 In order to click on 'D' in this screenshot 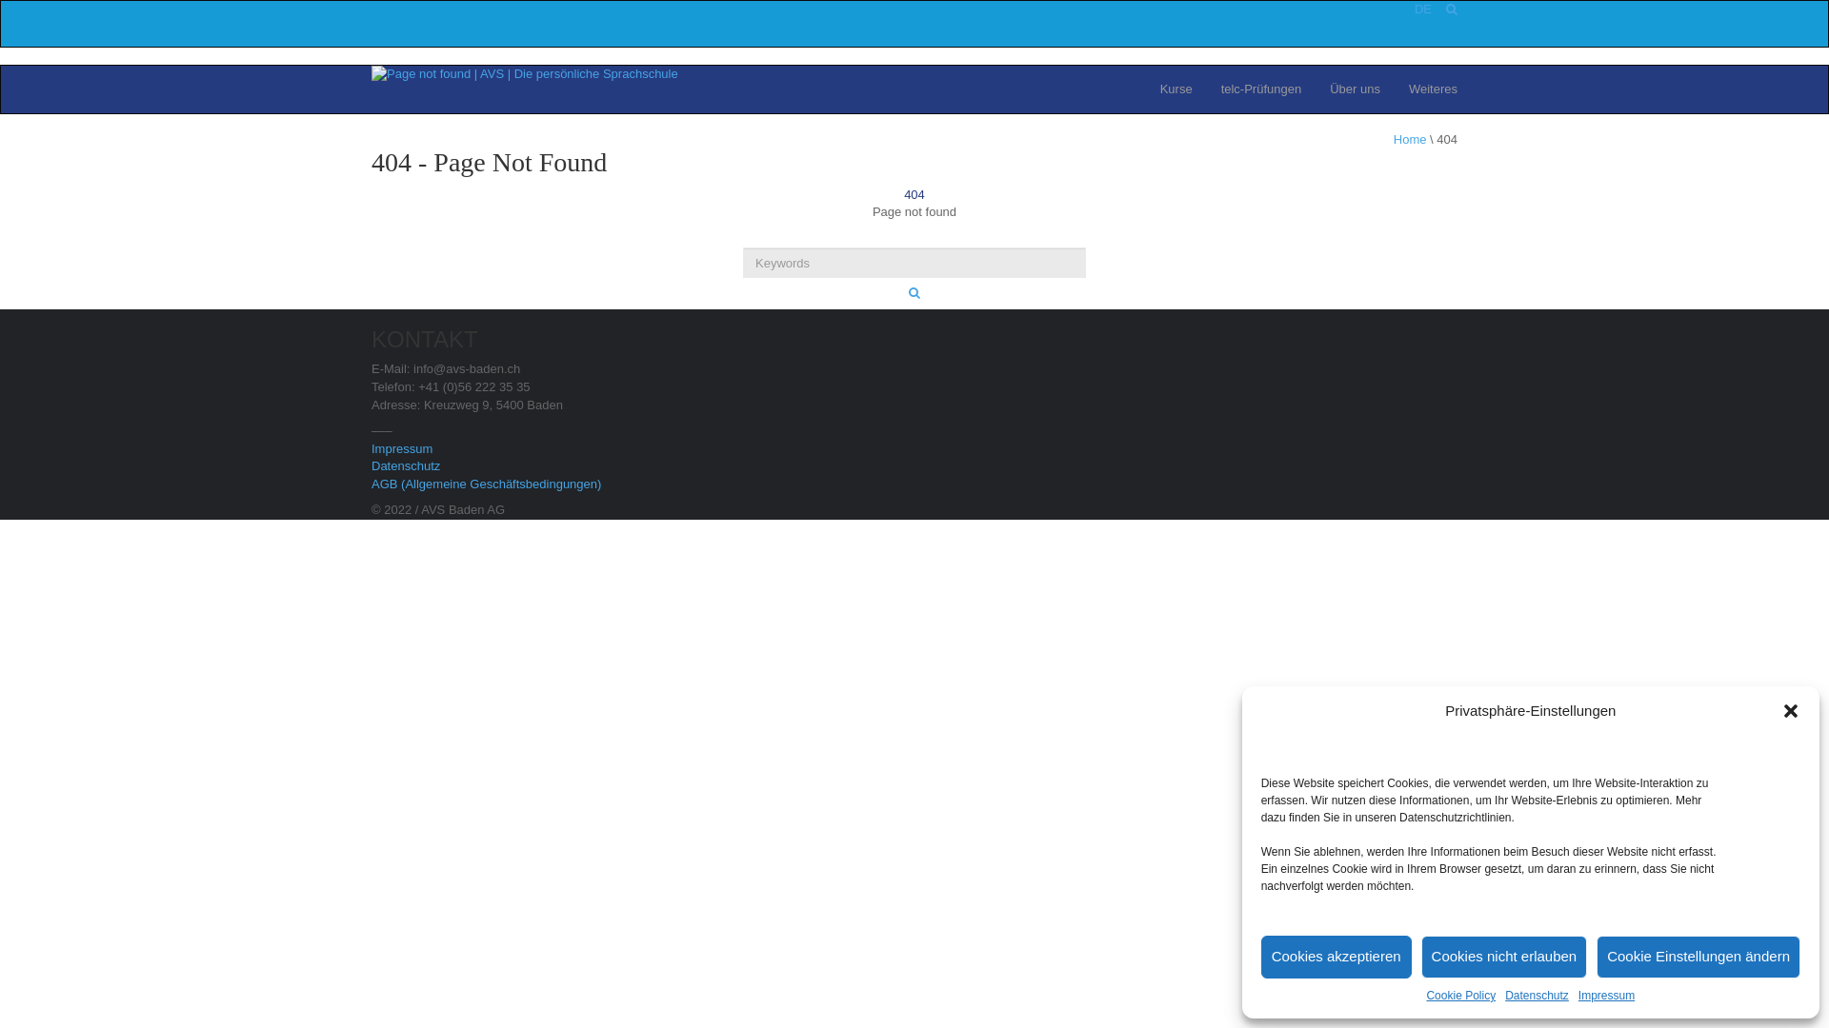, I will do `click(1418, 9)`.